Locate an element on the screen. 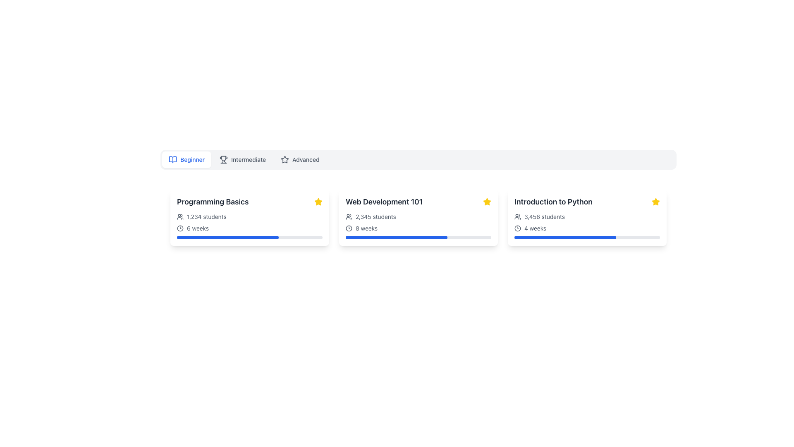 The width and height of the screenshot is (794, 447). the 'Advanced' button, which is the third button in a group of three, featuring a star icon and a light gray background is located at coordinates (299, 159).